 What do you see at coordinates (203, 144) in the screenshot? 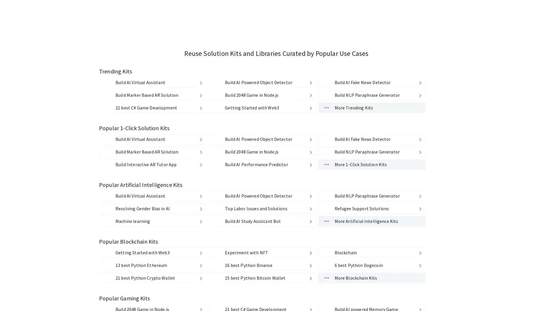
I see `Python Python` at bounding box center [203, 144].